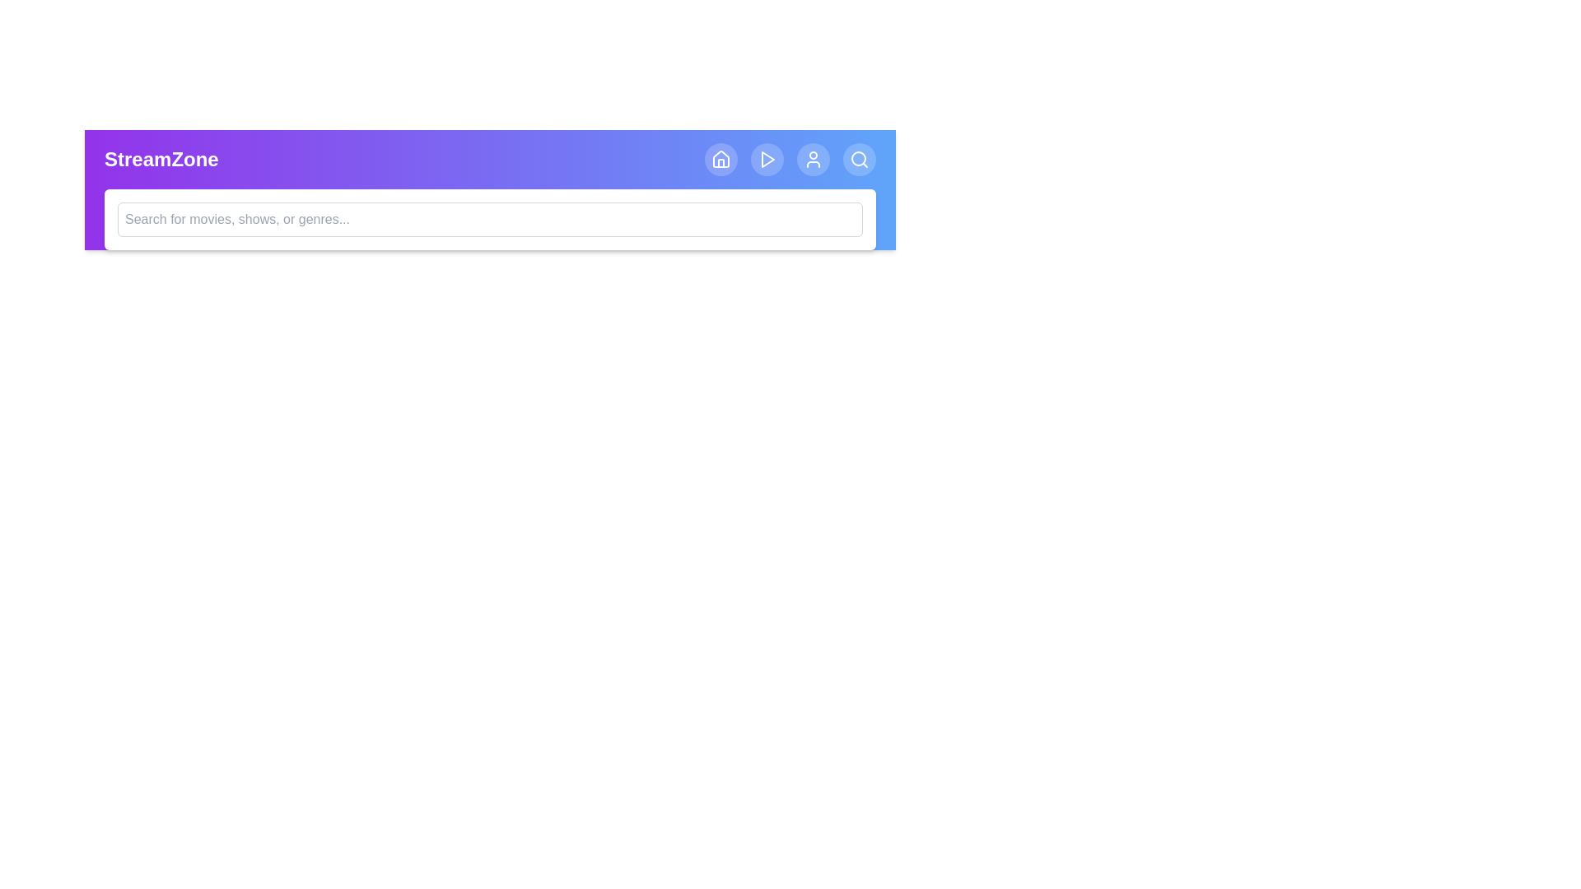 The image size is (1581, 889). Describe the element at coordinates (858, 159) in the screenshot. I see `the search icon button to toggle the visibility of the search bar` at that location.